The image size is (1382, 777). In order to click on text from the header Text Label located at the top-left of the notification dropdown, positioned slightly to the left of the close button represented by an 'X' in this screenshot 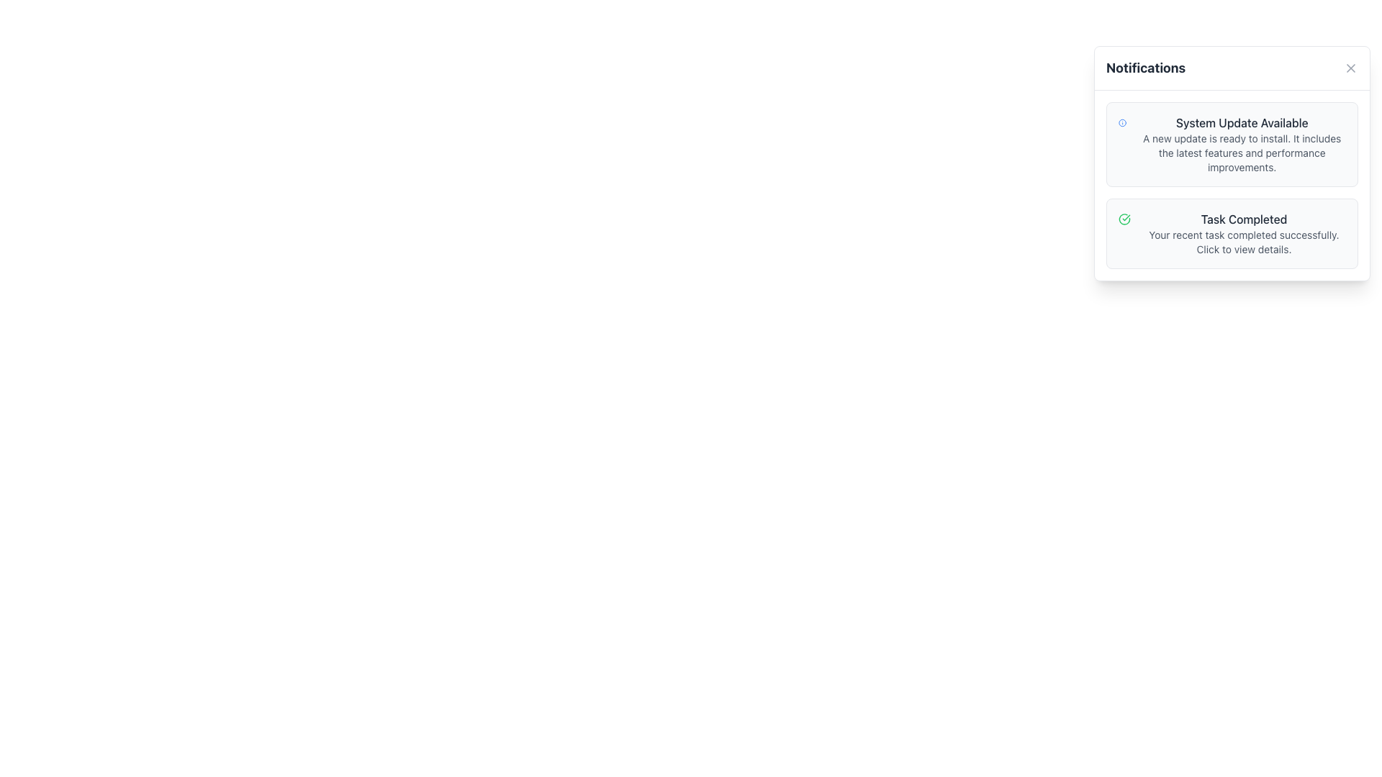, I will do `click(1145, 68)`.